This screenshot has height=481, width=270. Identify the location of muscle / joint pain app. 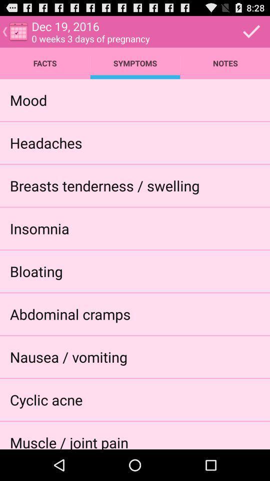
(68, 440).